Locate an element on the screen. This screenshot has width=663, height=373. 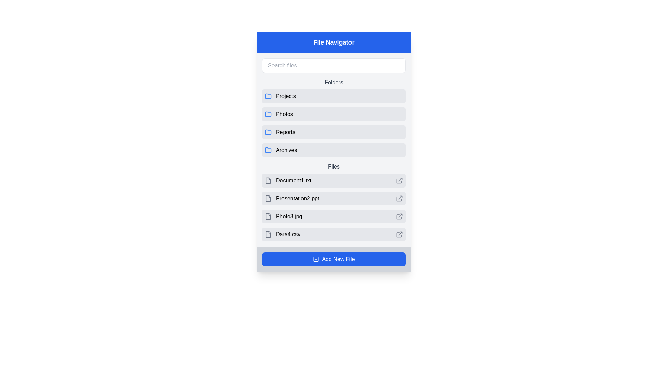
the list of folder items labeled 'Projects', 'Photos', 'Reports', and 'Archives' to emphasize interaction is located at coordinates (334, 117).